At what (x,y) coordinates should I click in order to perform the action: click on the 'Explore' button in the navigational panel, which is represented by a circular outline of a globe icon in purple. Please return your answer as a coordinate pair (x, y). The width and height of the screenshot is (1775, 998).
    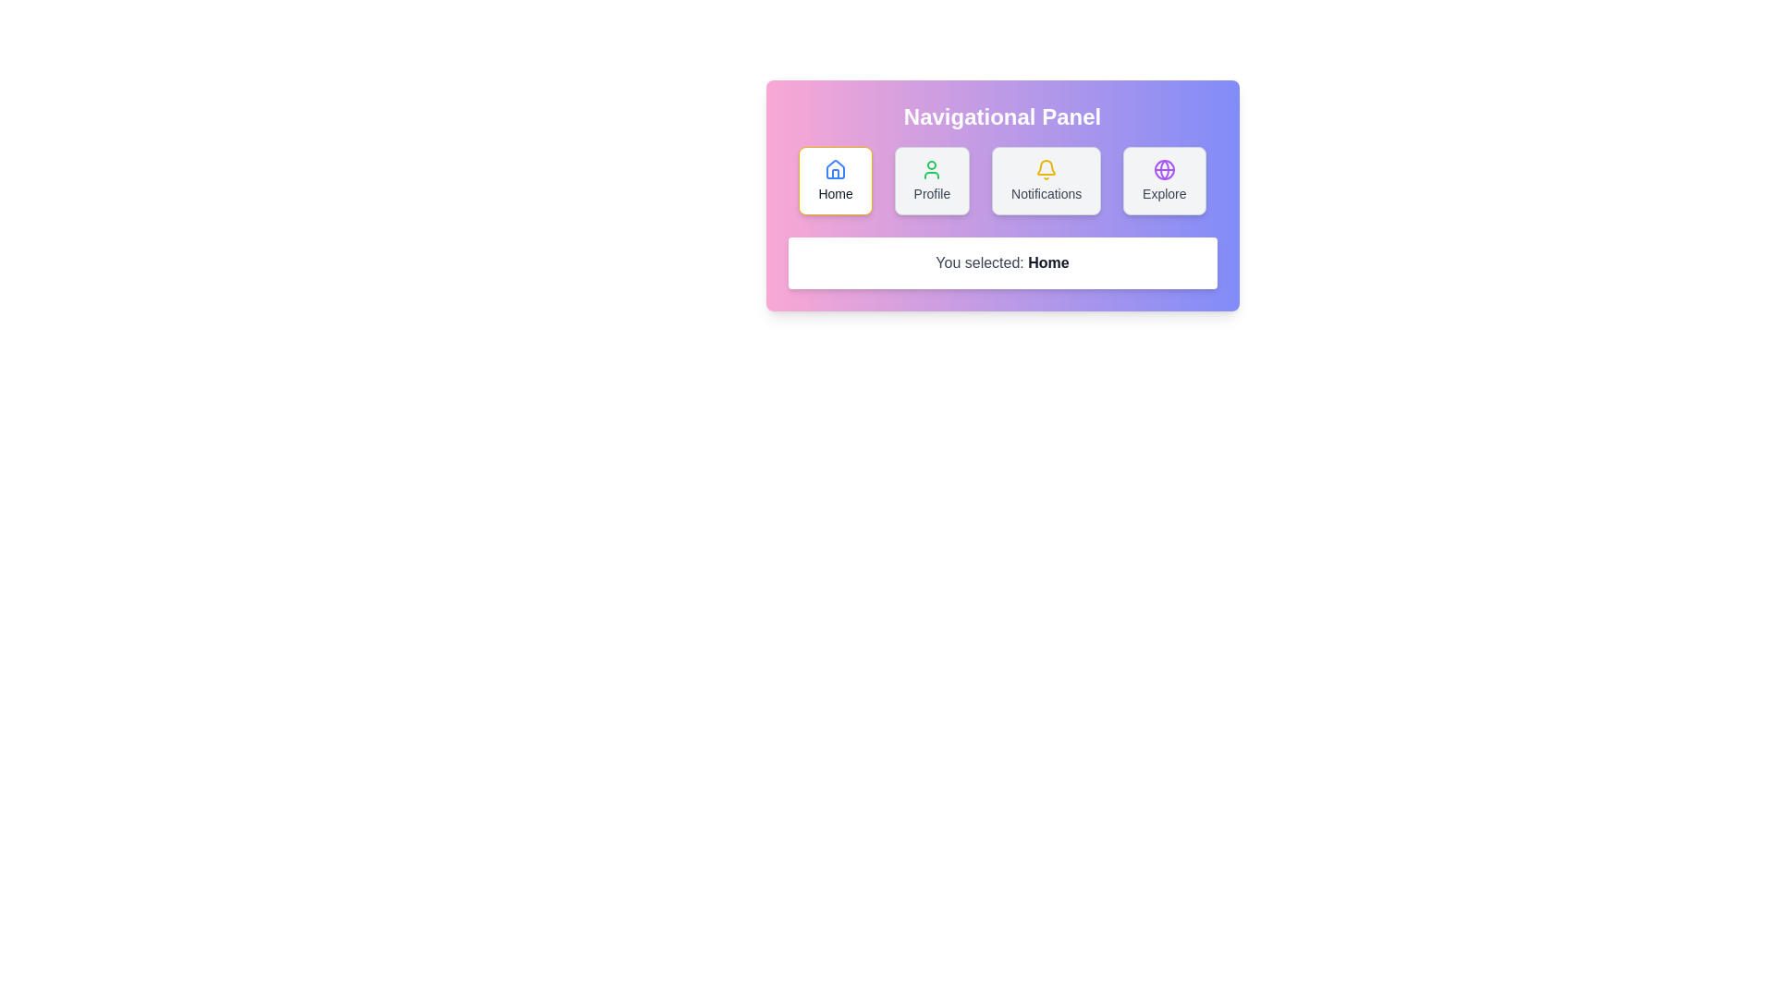
    Looking at the image, I should click on (1163, 170).